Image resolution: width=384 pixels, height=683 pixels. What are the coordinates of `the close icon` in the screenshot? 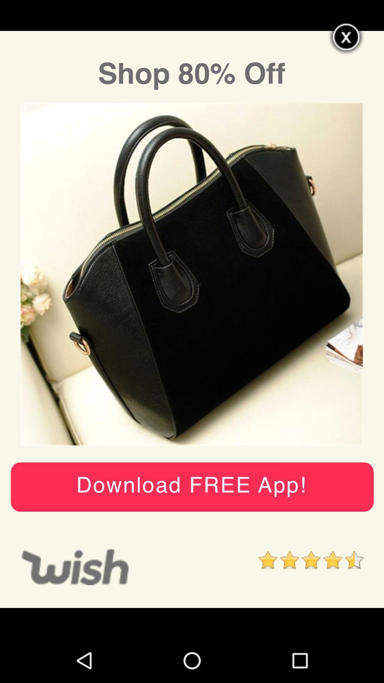 It's located at (346, 39).